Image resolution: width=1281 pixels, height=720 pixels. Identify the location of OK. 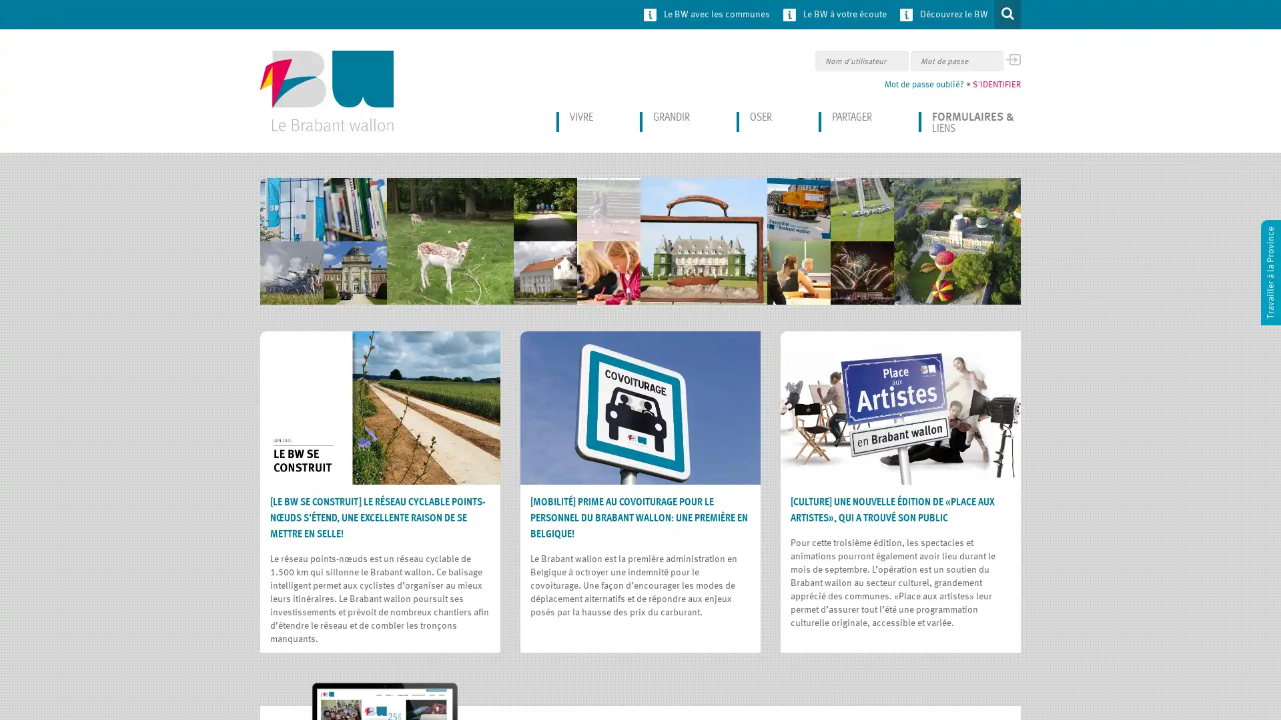
(1013, 58).